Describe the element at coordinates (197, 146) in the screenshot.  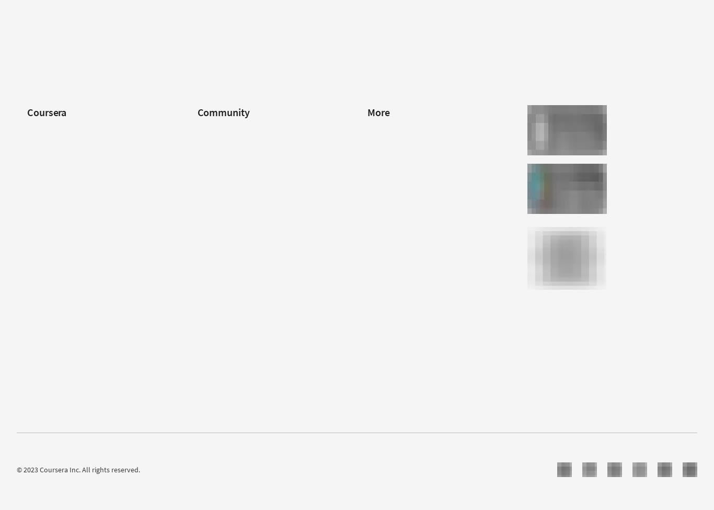
I see `'Partners'` at that location.